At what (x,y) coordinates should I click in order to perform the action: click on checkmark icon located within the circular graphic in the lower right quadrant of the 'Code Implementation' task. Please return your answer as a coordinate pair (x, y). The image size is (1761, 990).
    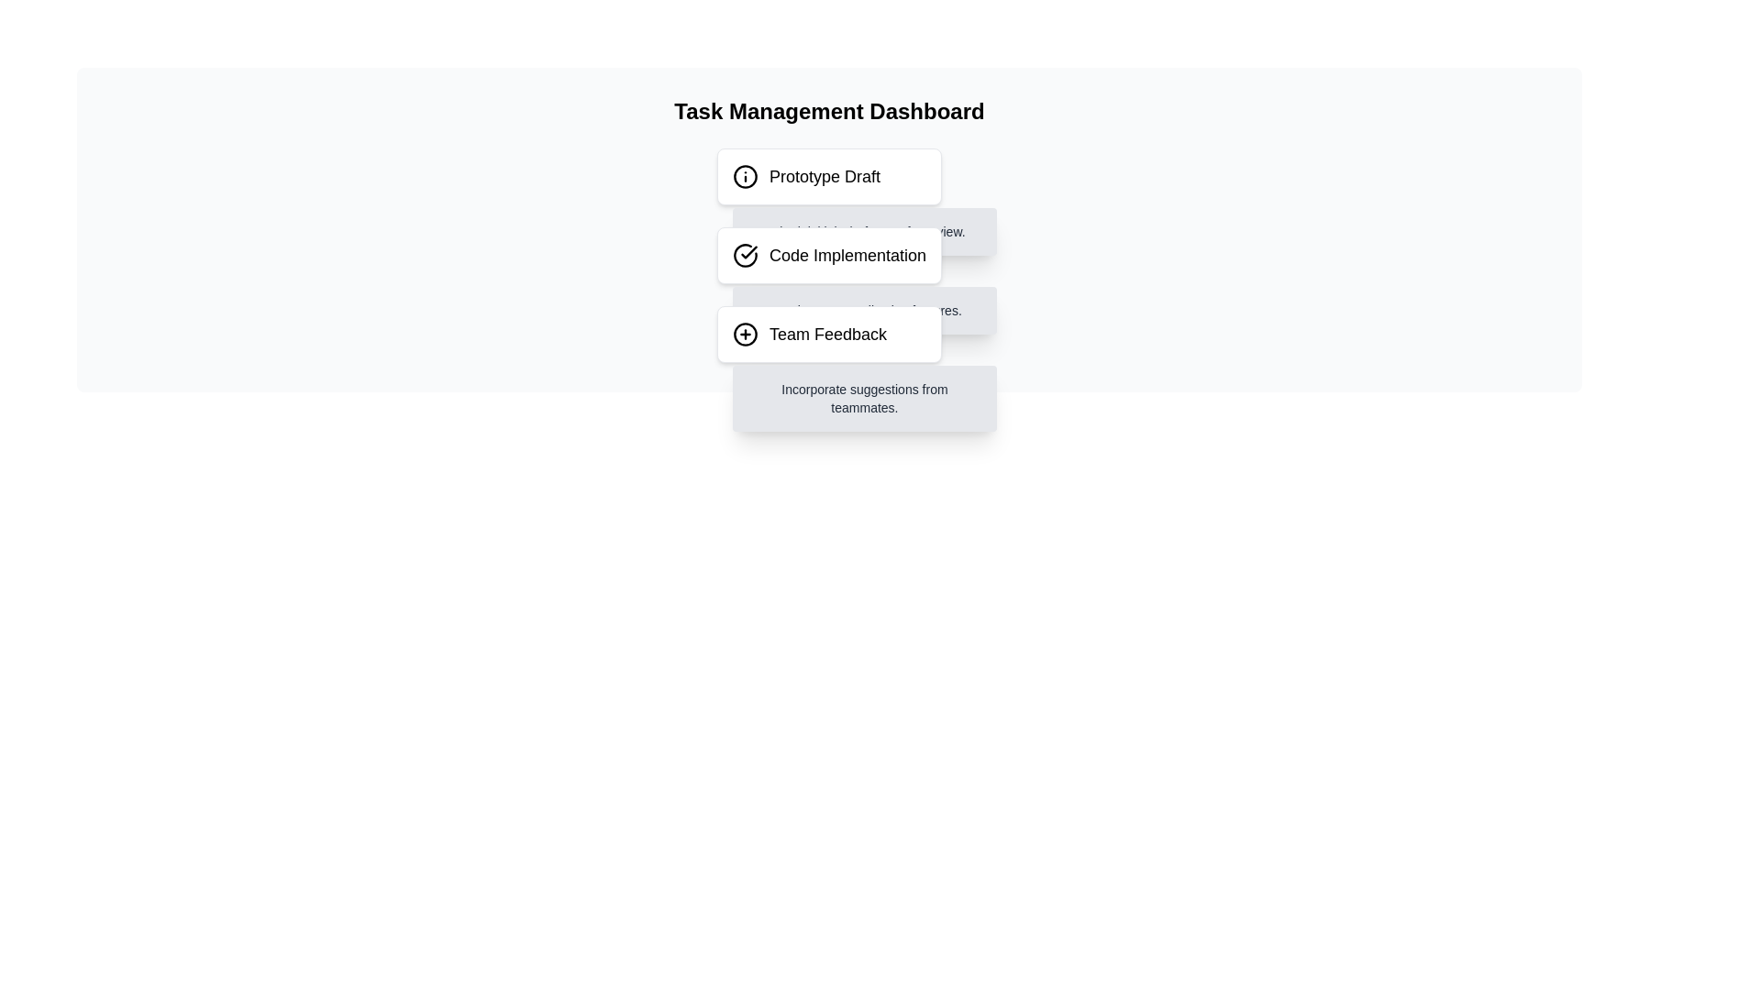
    Looking at the image, I should click on (748, 252).